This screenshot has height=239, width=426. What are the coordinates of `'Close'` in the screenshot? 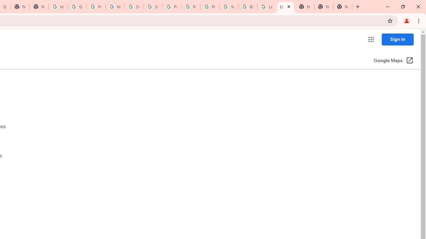 It's located at (289, 6).